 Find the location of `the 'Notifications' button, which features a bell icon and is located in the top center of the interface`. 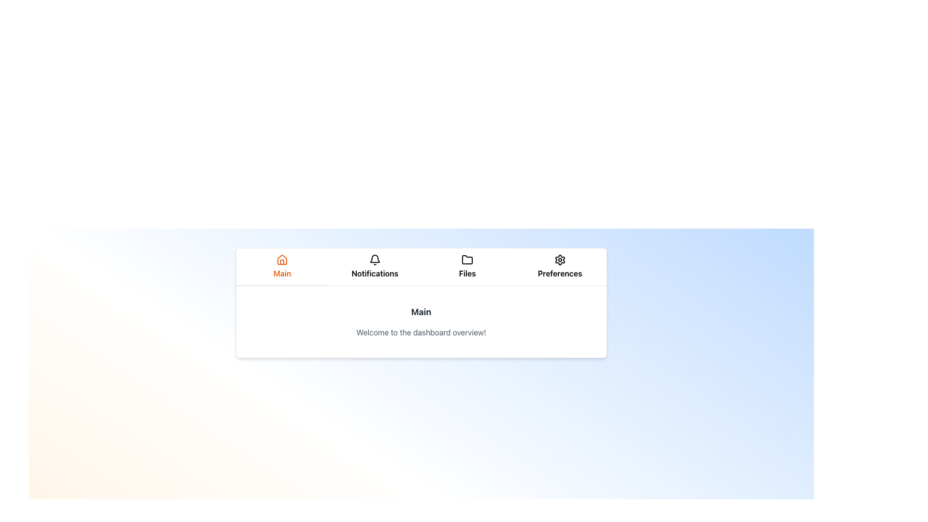

the 'Notifications' button, which features a bell icon and is located in the top center of the interface is located at coordinates (374, 267).